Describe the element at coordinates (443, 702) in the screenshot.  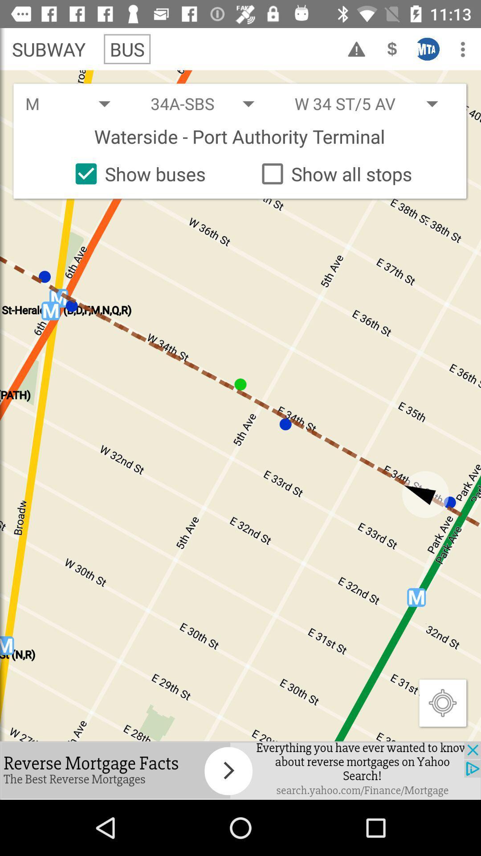
I see `the location_crosshair icon` at that location.